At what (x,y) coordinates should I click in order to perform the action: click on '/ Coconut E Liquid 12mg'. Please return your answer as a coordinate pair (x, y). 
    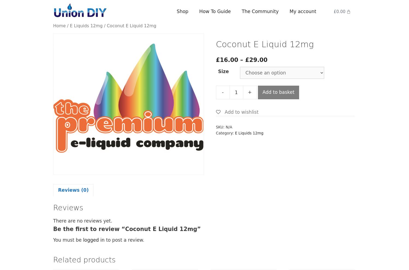
    Looking at the image, I should click on (103, 25).